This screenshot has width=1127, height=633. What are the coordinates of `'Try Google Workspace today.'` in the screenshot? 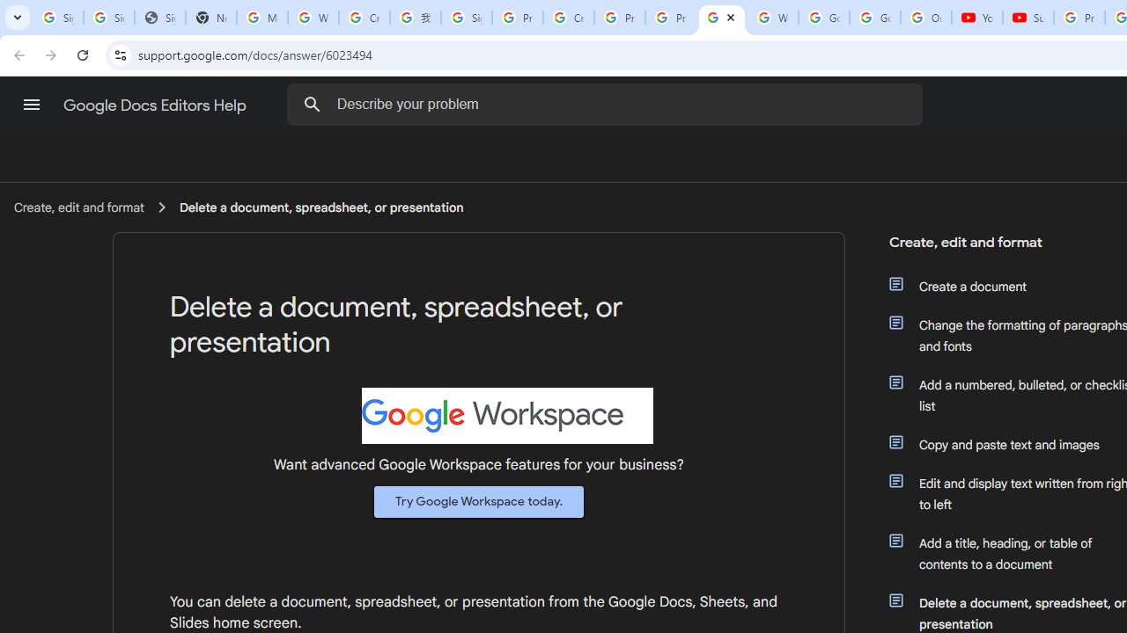 It's located at (479, 501).